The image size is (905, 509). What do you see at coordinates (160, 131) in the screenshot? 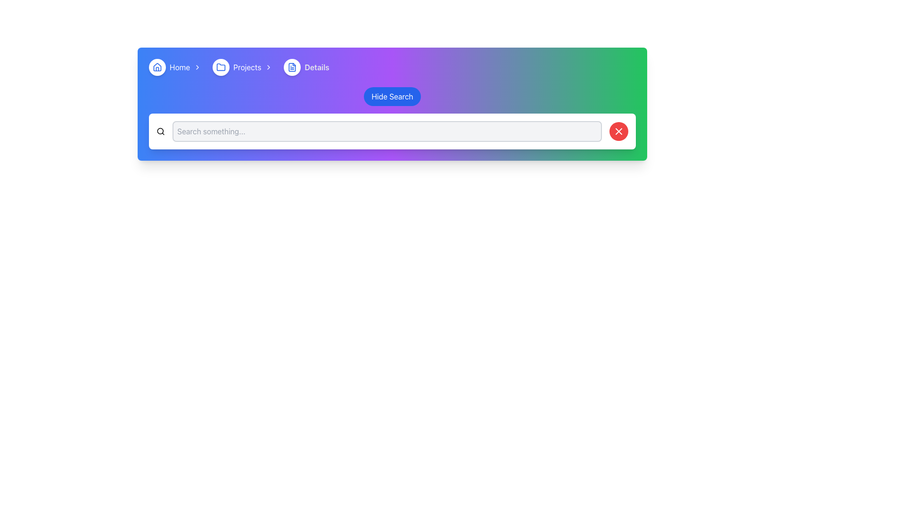
I see `the circular component of the search icon, which is part of the SVG graphic representing a magnifying glass located in the search bar area` at bounding box center [160, 131].